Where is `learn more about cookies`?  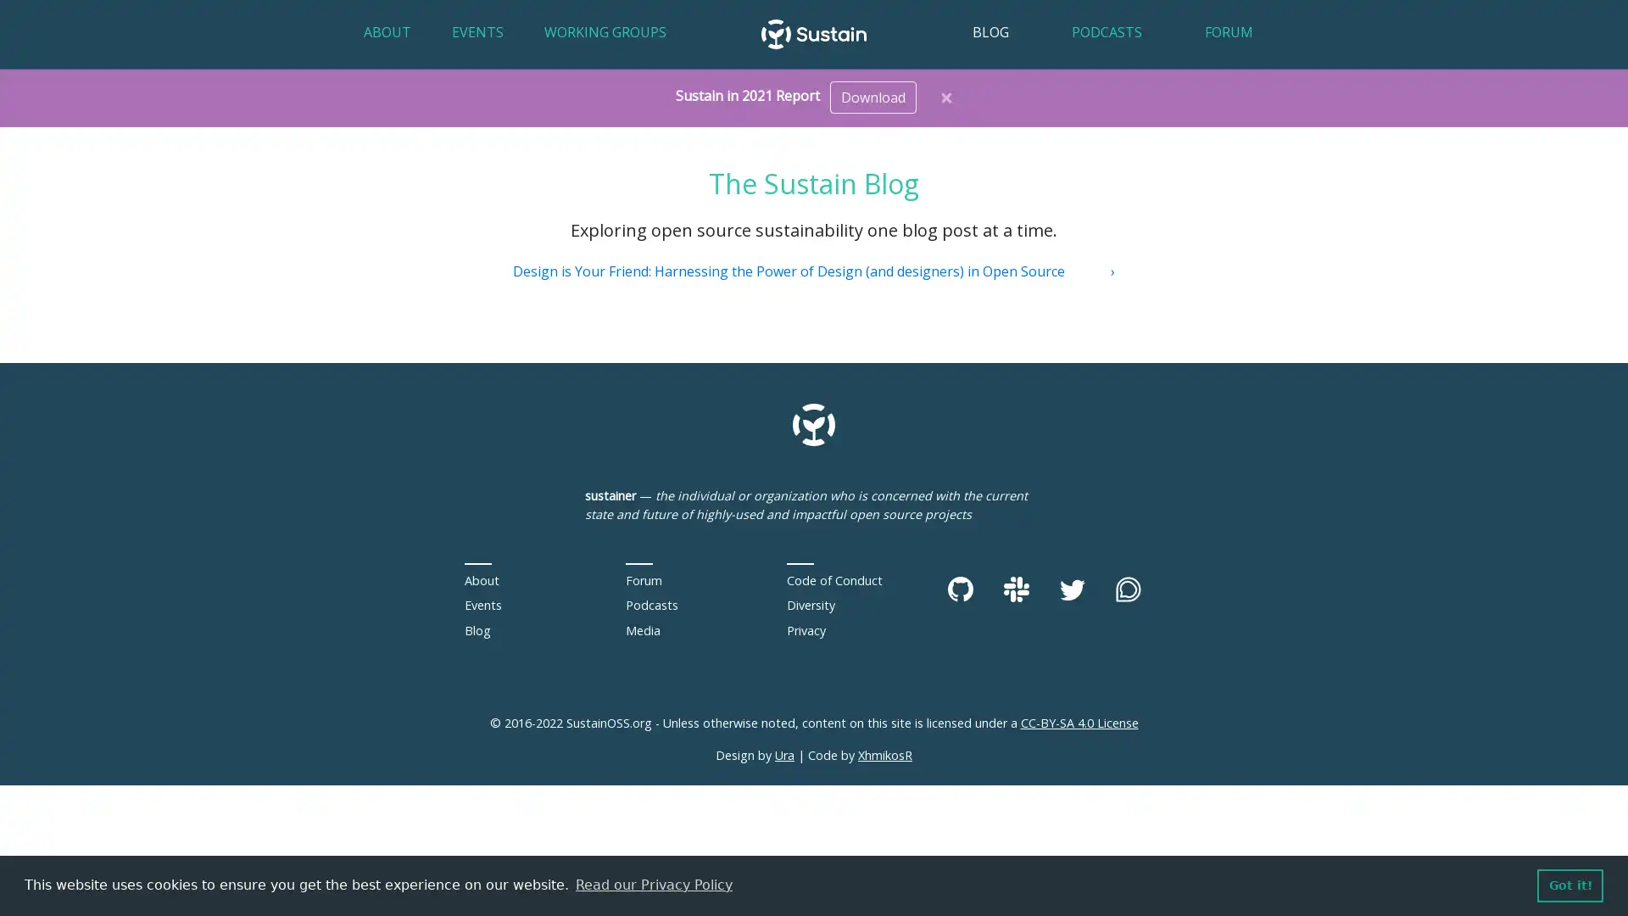
learn more about cookies is located at coordinates (653, 885).